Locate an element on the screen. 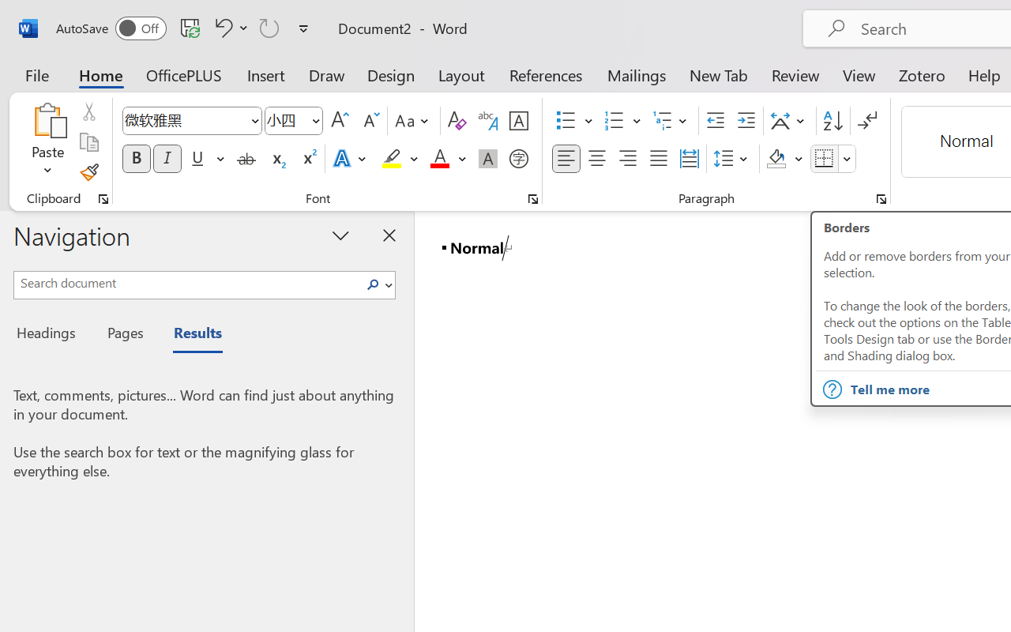 Image resolution: width=1011 pixels, height=632 pixels. 'Align Right' is located at coordinates (626, 159).